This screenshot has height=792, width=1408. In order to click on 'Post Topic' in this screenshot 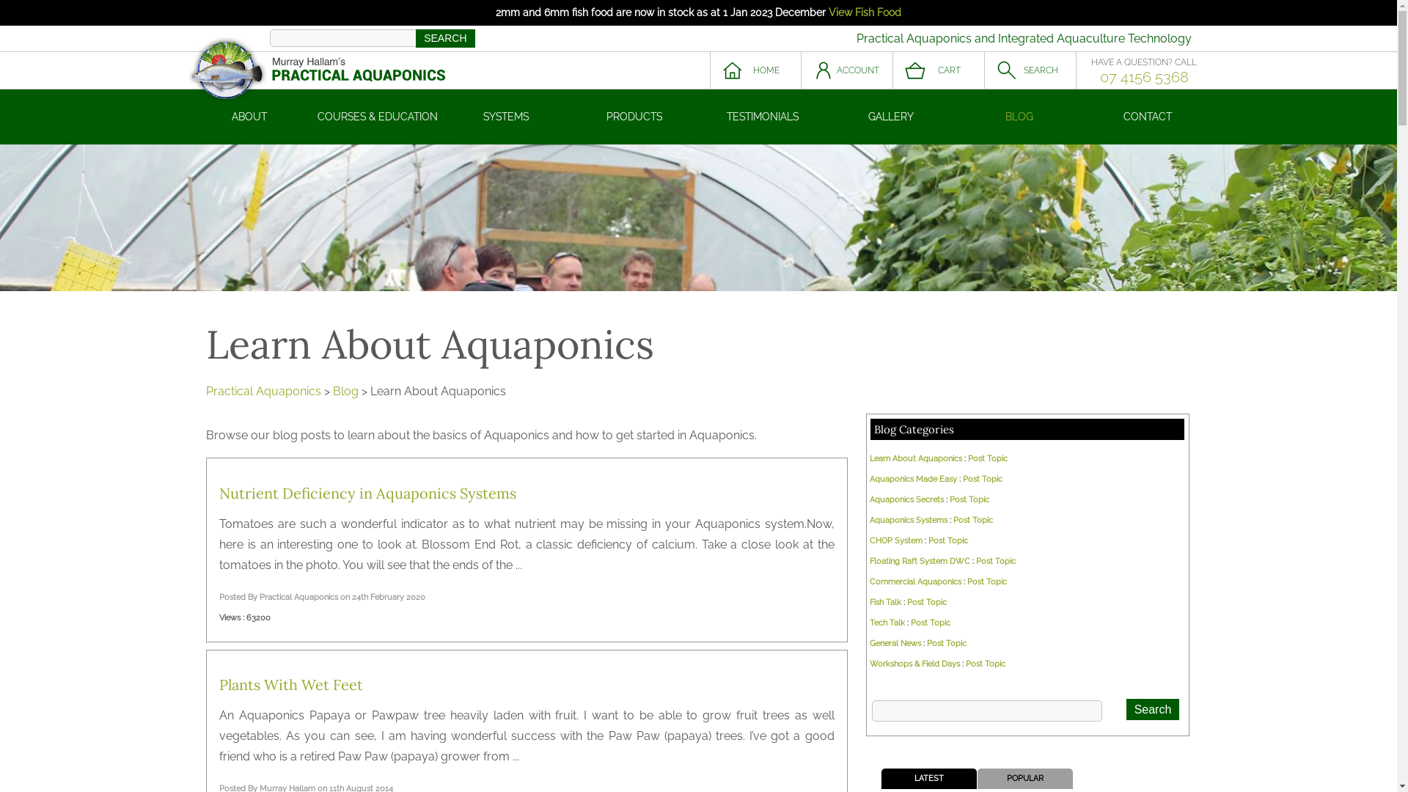, I will do `click(953, 519)`.